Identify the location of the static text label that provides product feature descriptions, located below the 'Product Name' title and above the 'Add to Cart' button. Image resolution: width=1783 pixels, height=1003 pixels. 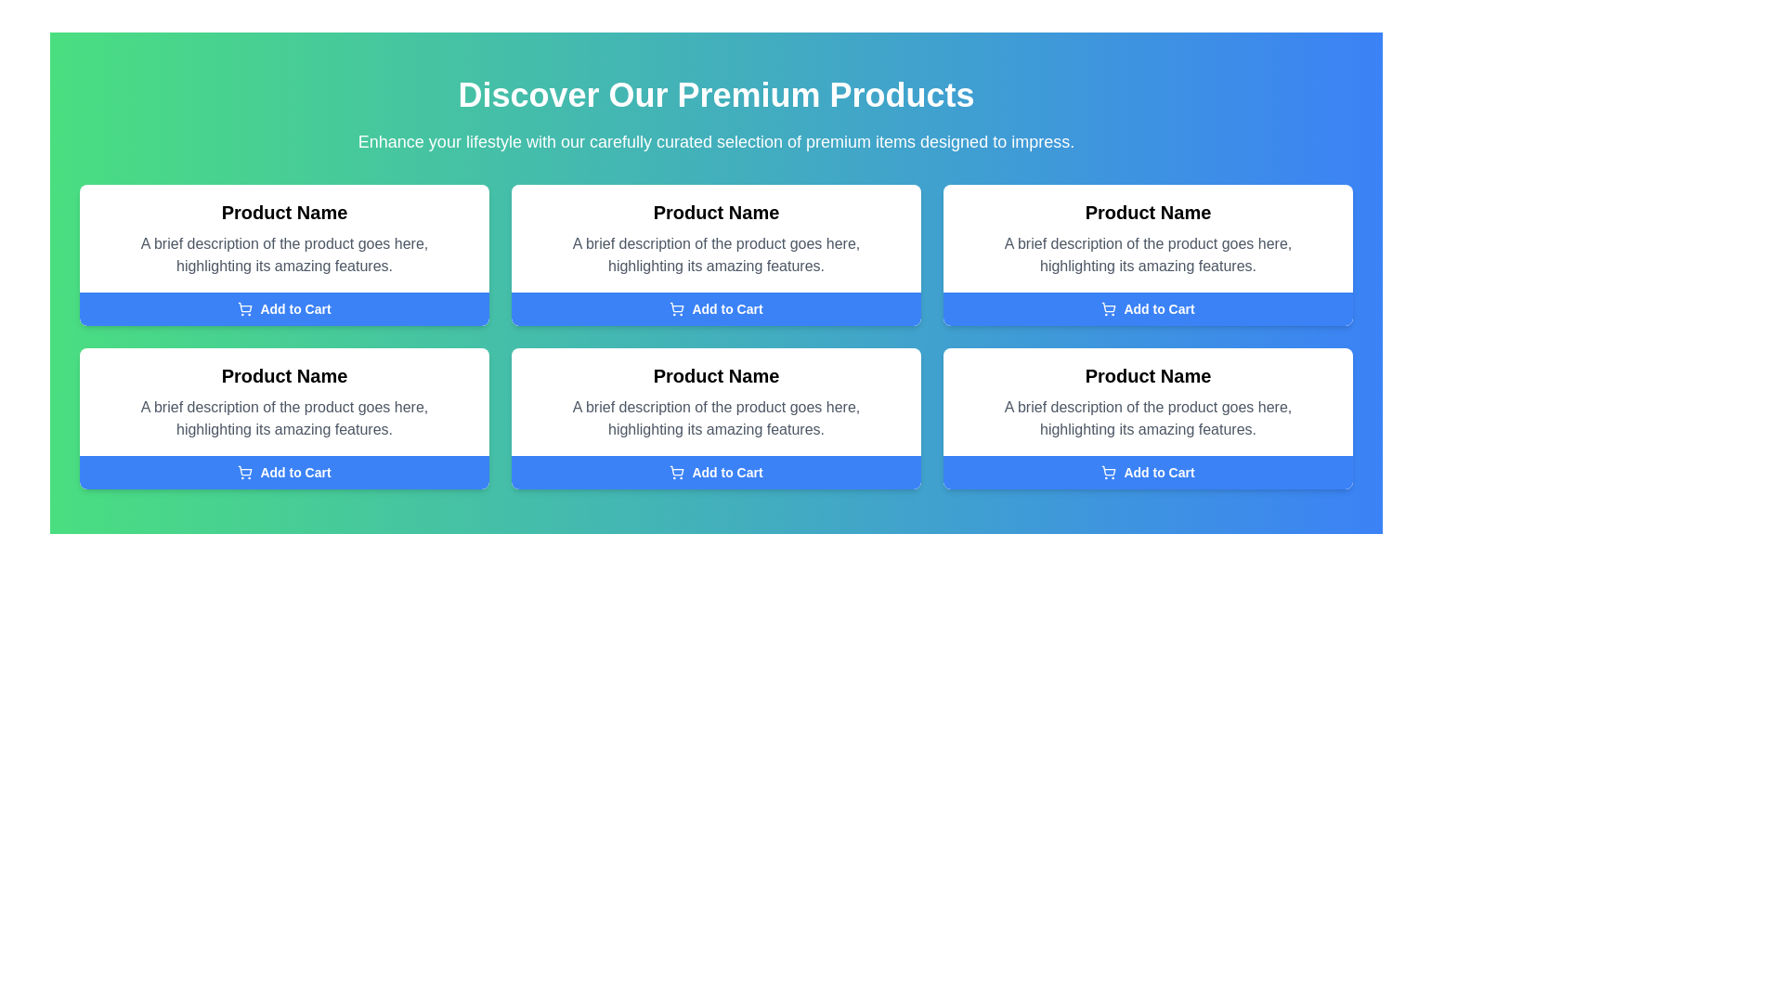
(1147, 254).